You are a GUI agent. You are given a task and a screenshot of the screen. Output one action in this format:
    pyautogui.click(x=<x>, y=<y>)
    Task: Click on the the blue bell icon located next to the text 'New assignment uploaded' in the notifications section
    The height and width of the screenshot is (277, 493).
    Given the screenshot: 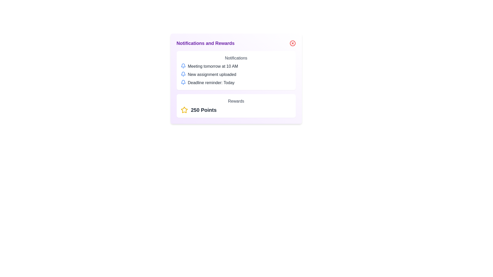 What is the action you would take?
    pyautogui.click(x=183, y=74)
    